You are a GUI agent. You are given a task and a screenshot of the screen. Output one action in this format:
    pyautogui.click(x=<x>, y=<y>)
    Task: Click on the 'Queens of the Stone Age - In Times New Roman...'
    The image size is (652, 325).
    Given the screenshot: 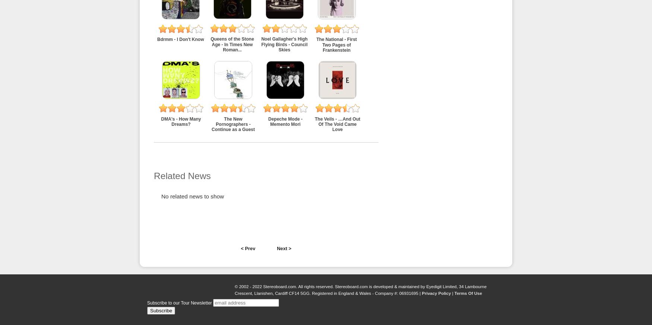 What is the action you would take?
    pyautogui.click(x=211, y=44)
    